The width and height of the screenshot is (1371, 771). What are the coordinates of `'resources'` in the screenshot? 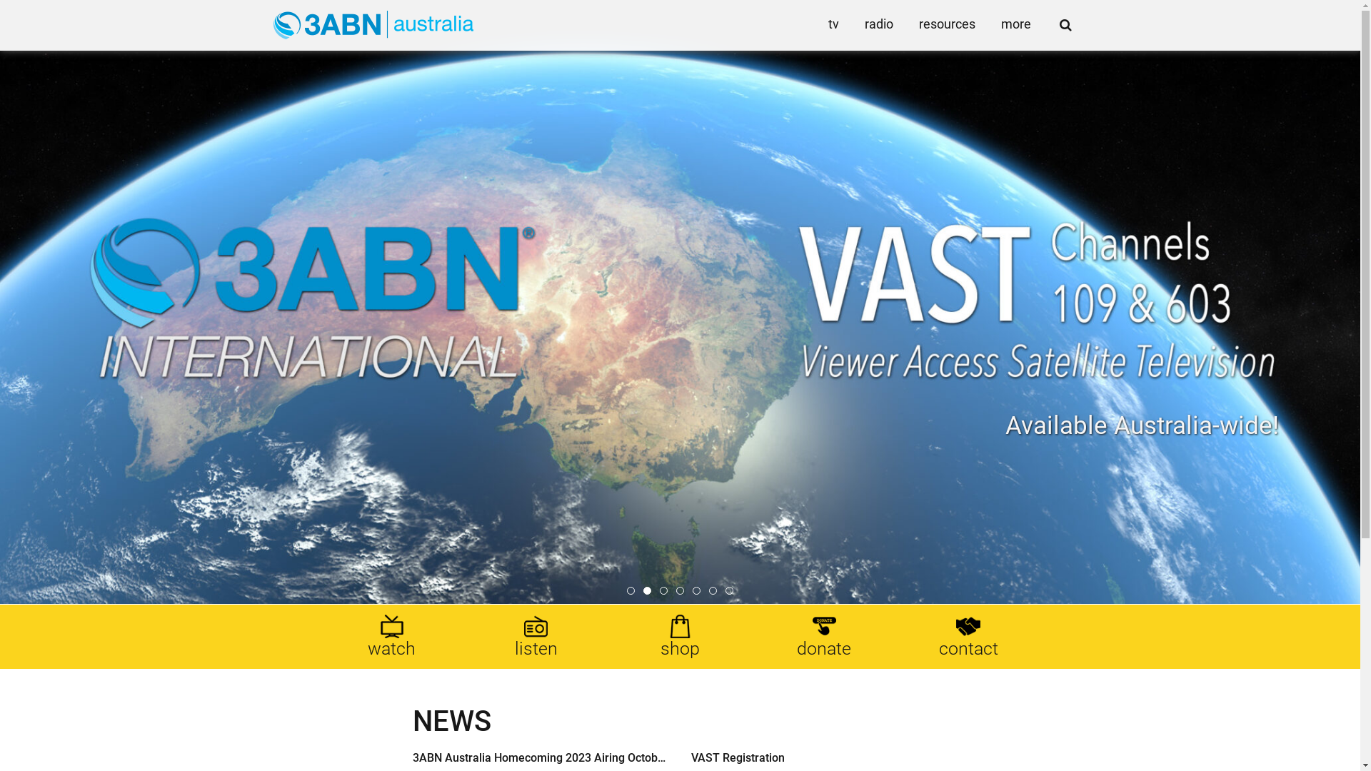 It's located at (904, 24).